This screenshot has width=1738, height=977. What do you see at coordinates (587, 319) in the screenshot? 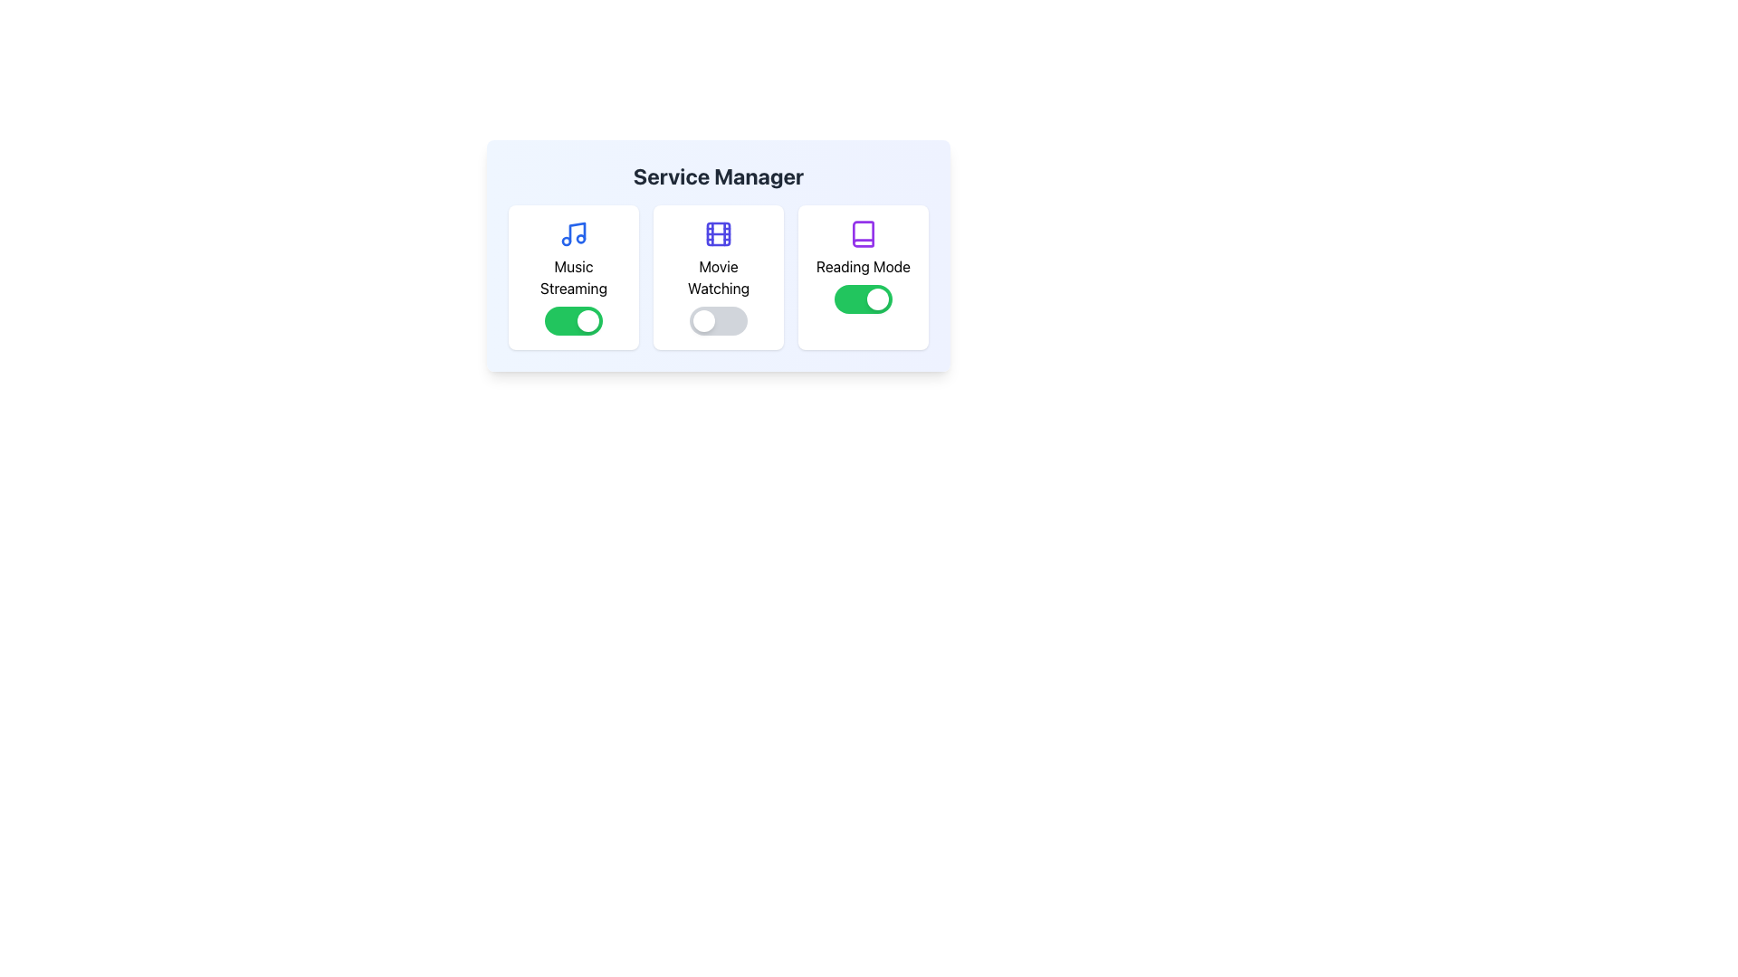
I see `the small white circular toggle knob on the right-hand side of the green rectangular switch, indicating the 'on' position under the 'Music Streaming' label` at bounding box center [587, 319].